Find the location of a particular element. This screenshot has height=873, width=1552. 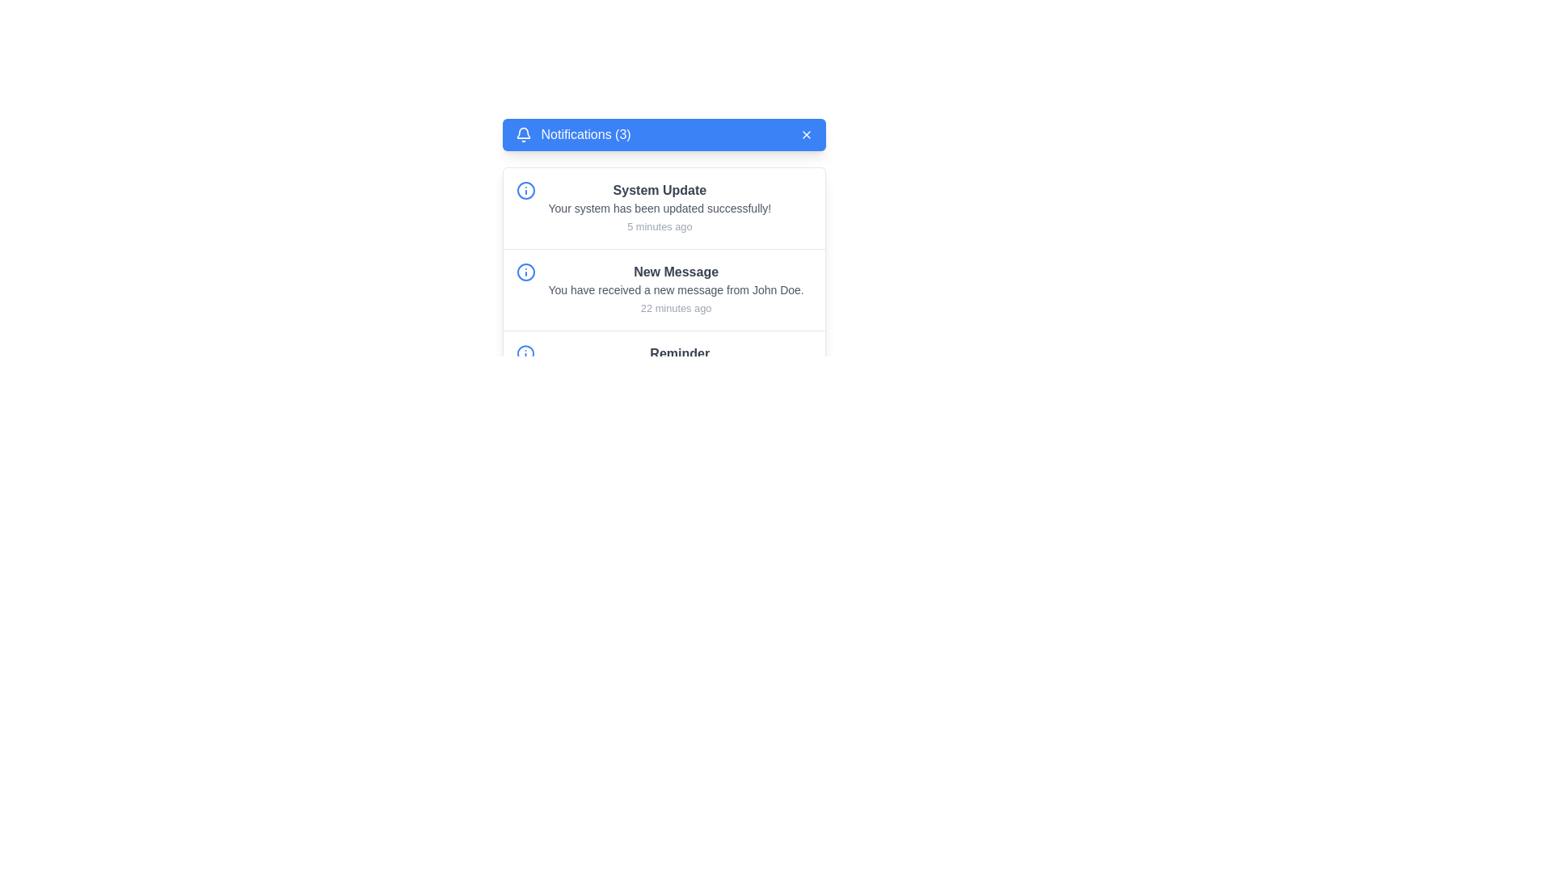

the notifications button that indicates the number of active notifications ('3') is located at coordinates (664, 133).